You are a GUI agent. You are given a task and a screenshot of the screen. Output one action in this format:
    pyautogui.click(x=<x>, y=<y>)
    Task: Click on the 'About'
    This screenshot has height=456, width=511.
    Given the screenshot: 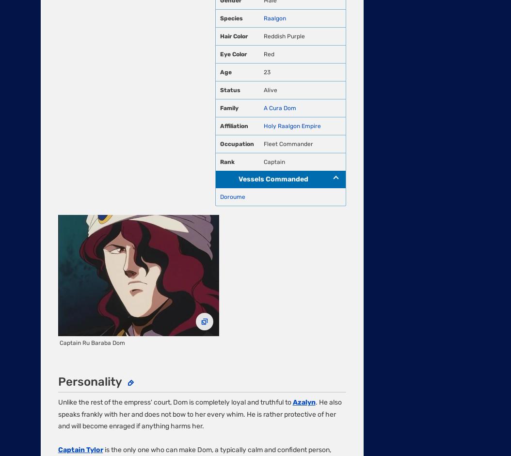 What is the action you would take?
    pyautogui.click(x=49, y=165)
    